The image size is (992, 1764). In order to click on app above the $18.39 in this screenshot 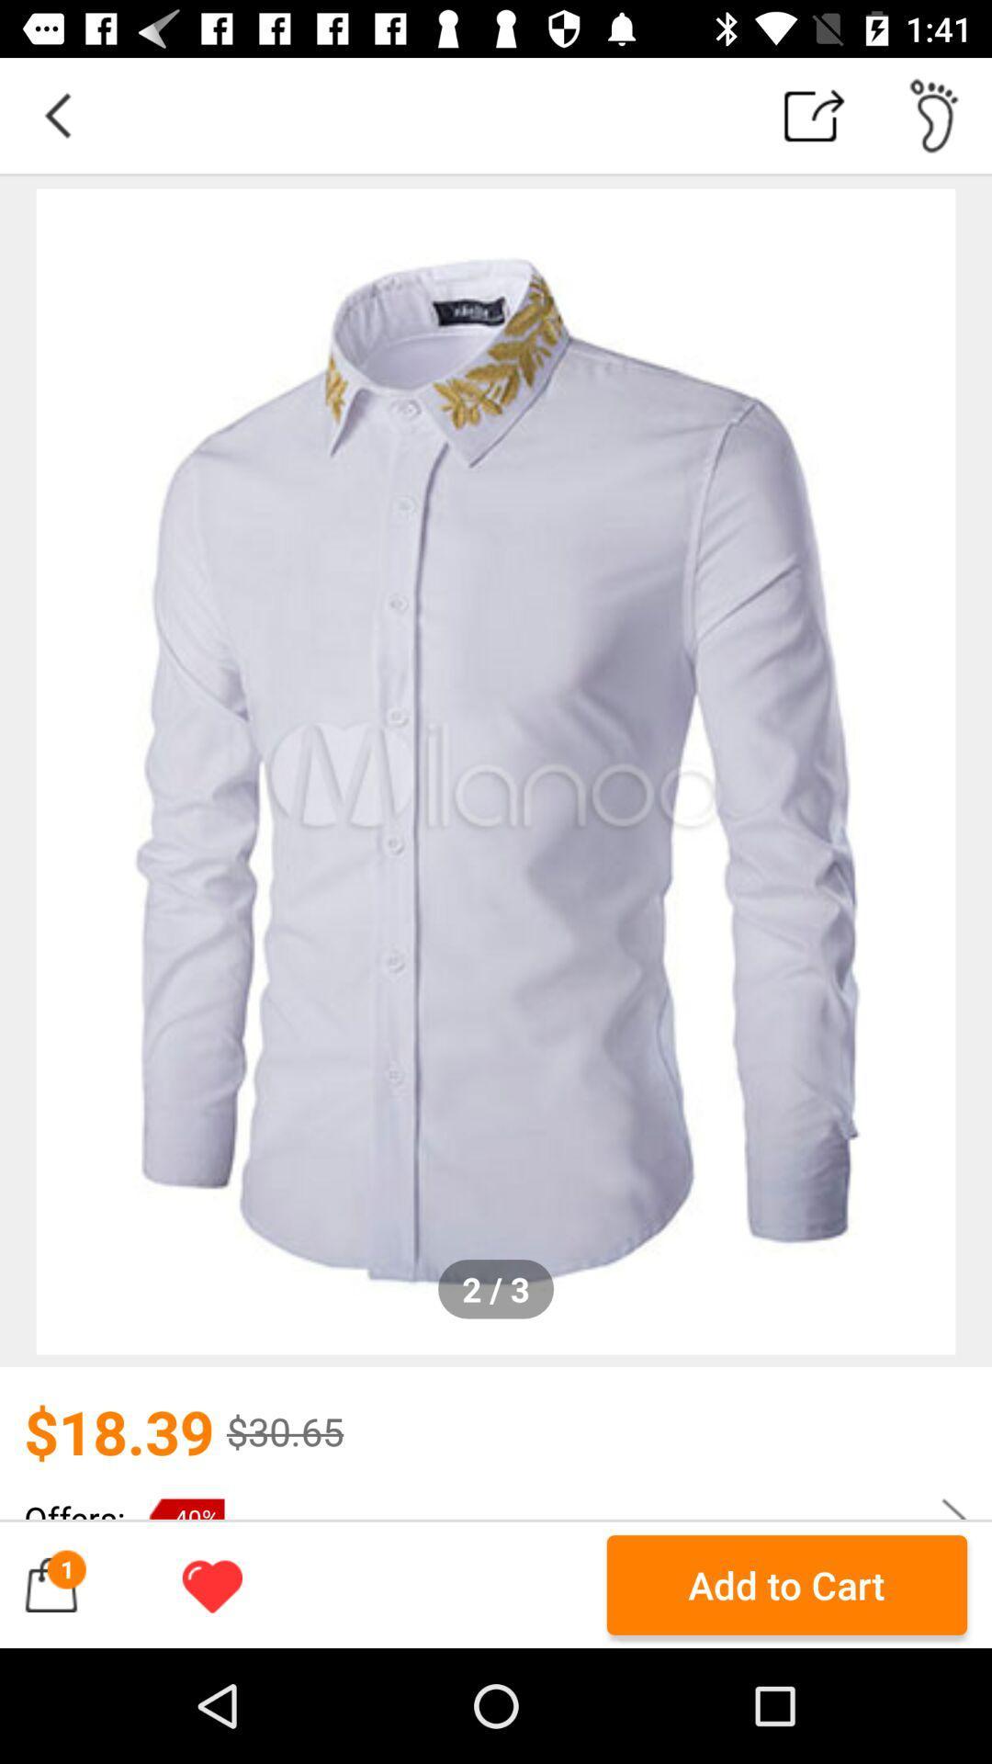, I will do `click(496, 772)`.